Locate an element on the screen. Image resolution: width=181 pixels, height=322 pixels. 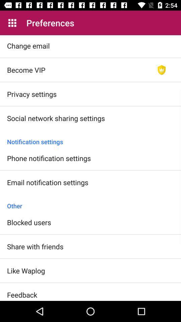
item to the right of become vip item is located at coordinates (161, 70).